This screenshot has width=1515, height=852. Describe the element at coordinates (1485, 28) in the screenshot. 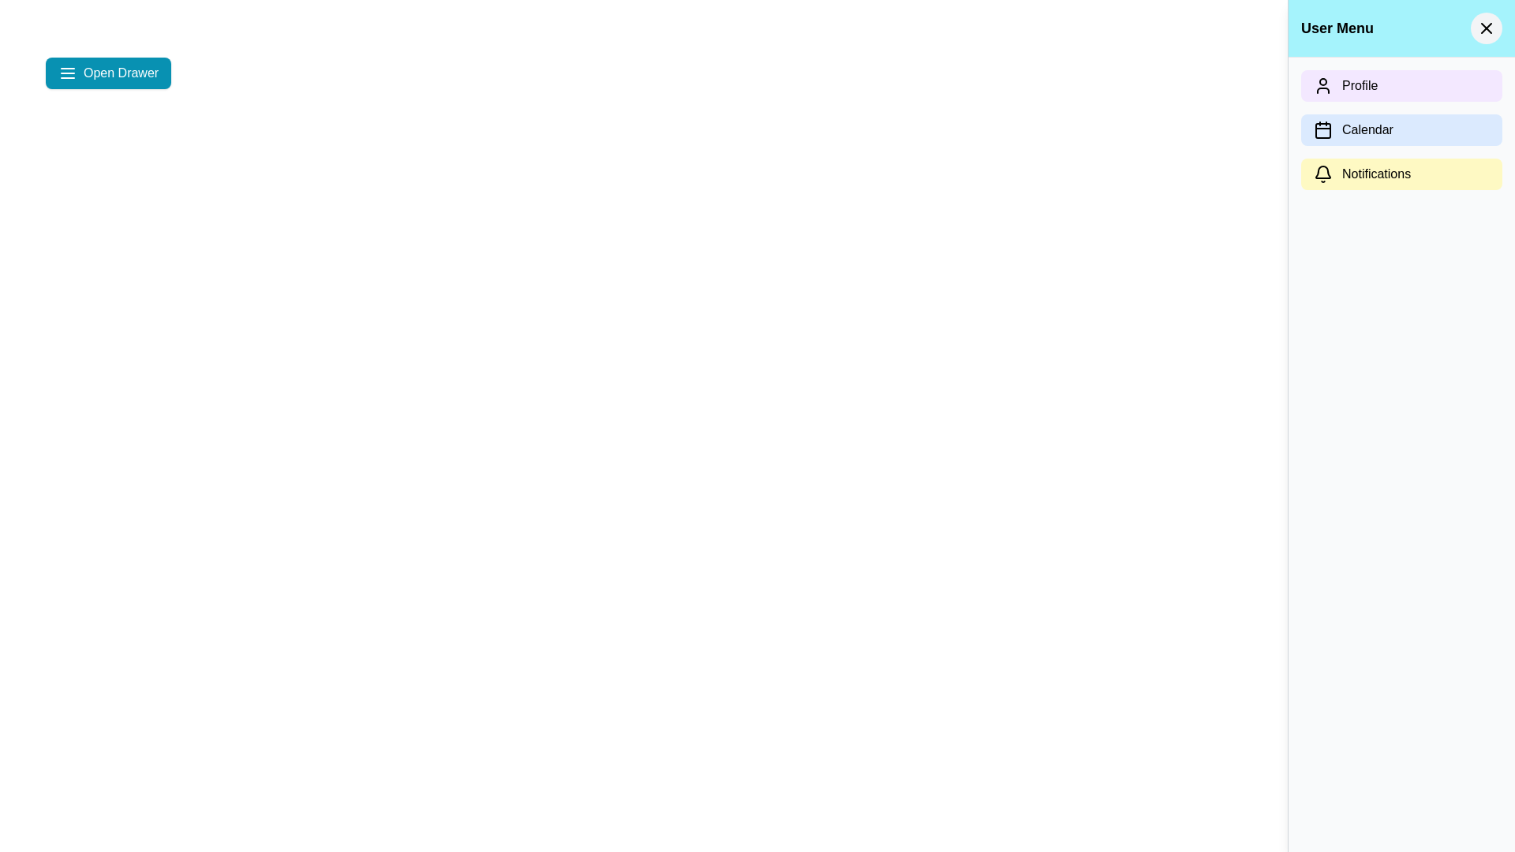

I see `the close icon button in the header to close the drawer` at that location.